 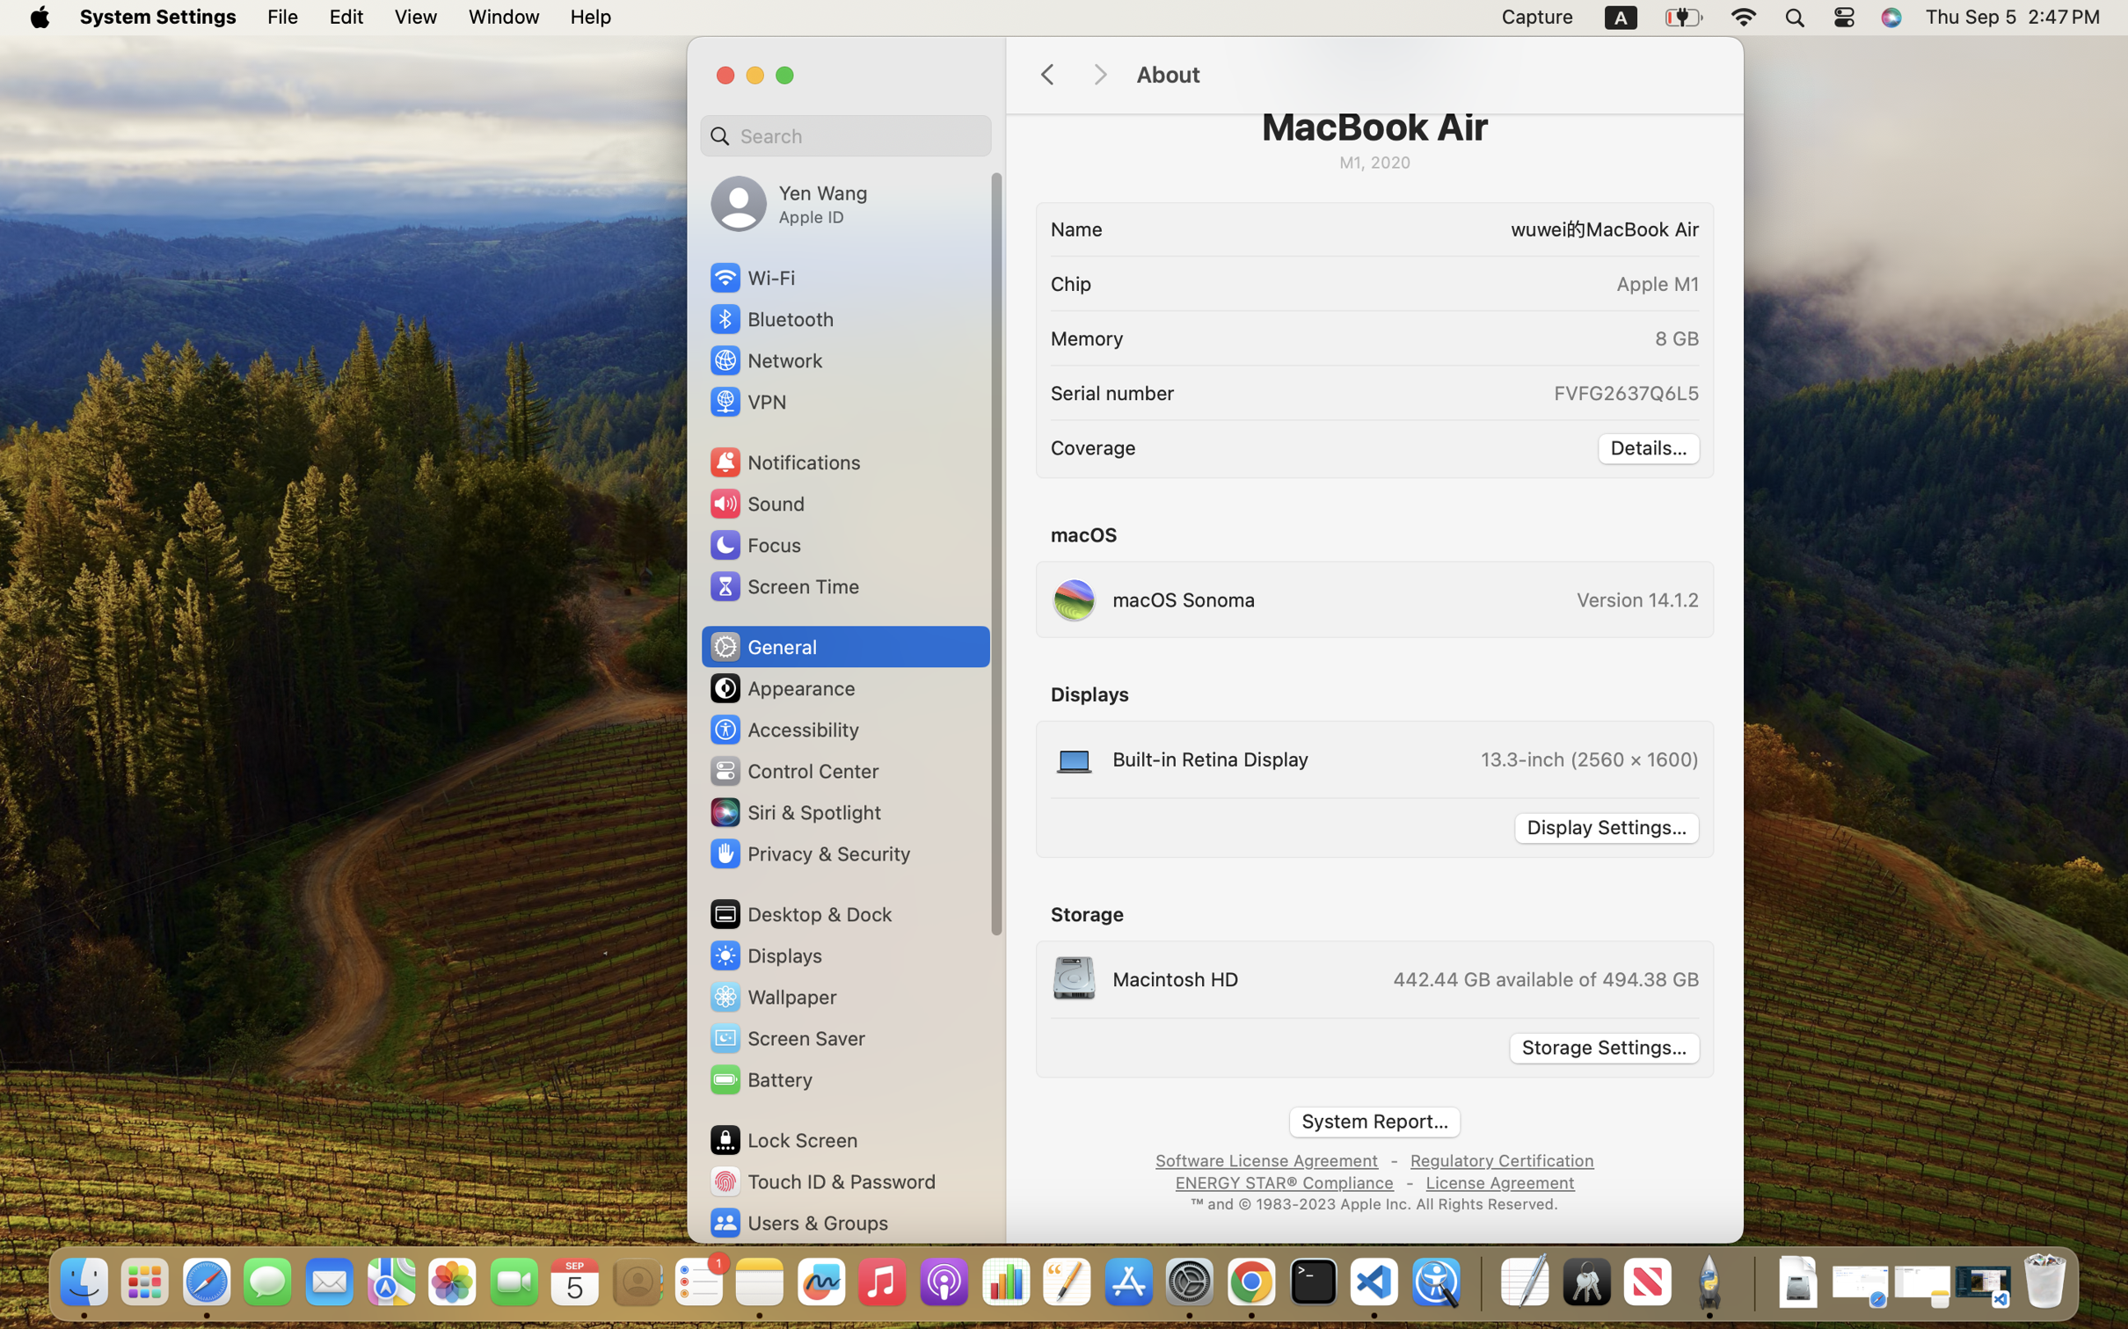 I want to click on 'Screen Saver', so click(x=787, y=1037).